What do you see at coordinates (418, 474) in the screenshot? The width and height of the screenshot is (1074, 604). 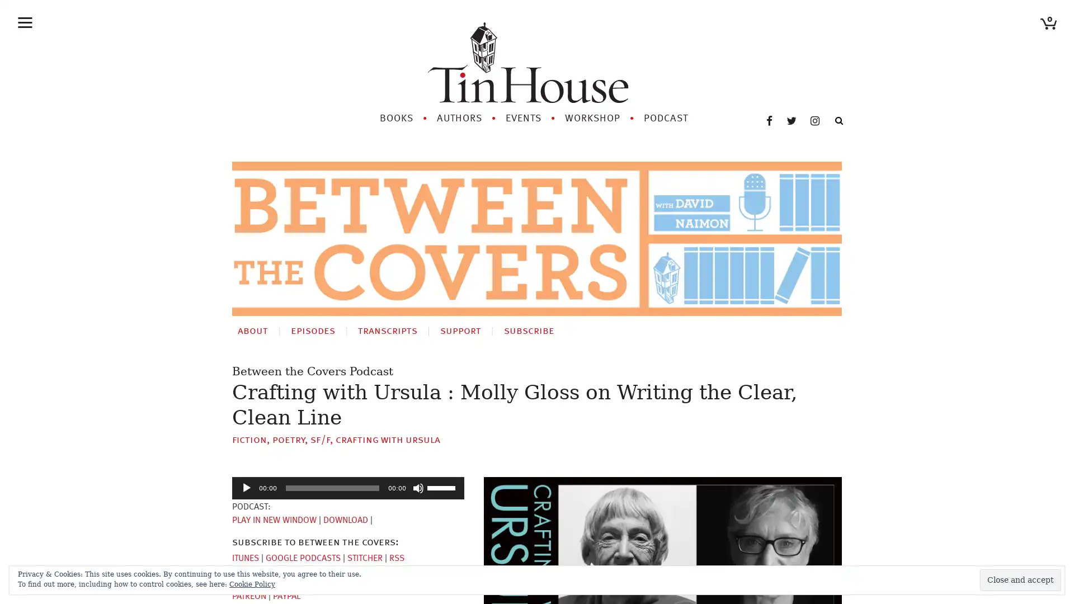 I see `Mute` at bounding box center [418, 474].